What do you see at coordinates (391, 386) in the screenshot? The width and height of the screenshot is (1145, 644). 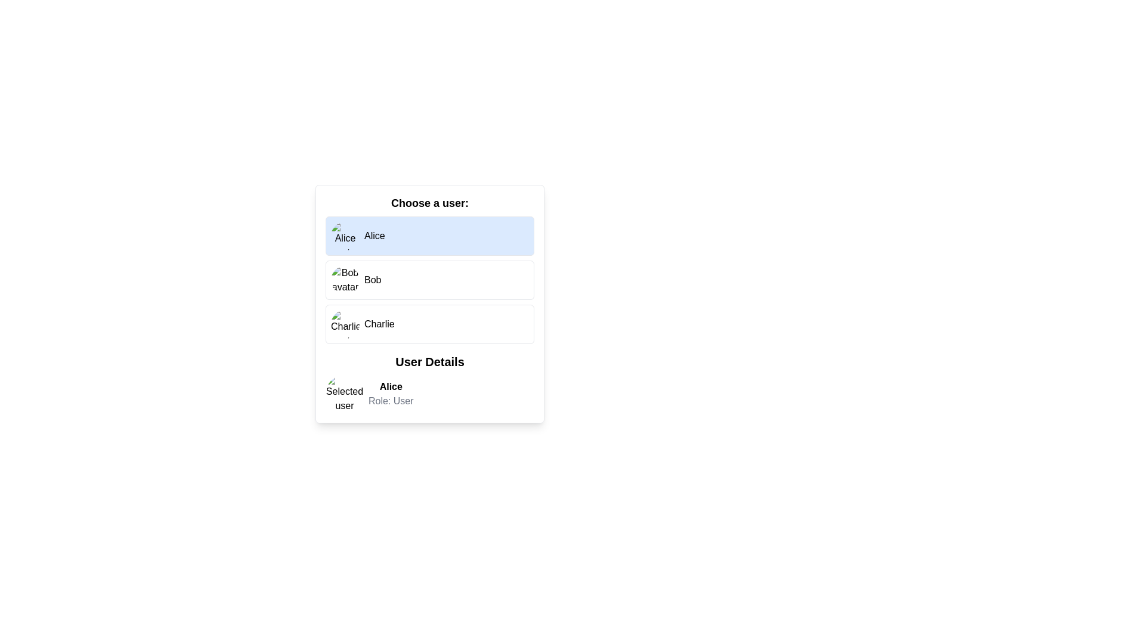 I see `the informational label indicating the name of the selected user, located in the 'User Details' panel, just above the 'Role: User' text` at bounding box center [391, 386].